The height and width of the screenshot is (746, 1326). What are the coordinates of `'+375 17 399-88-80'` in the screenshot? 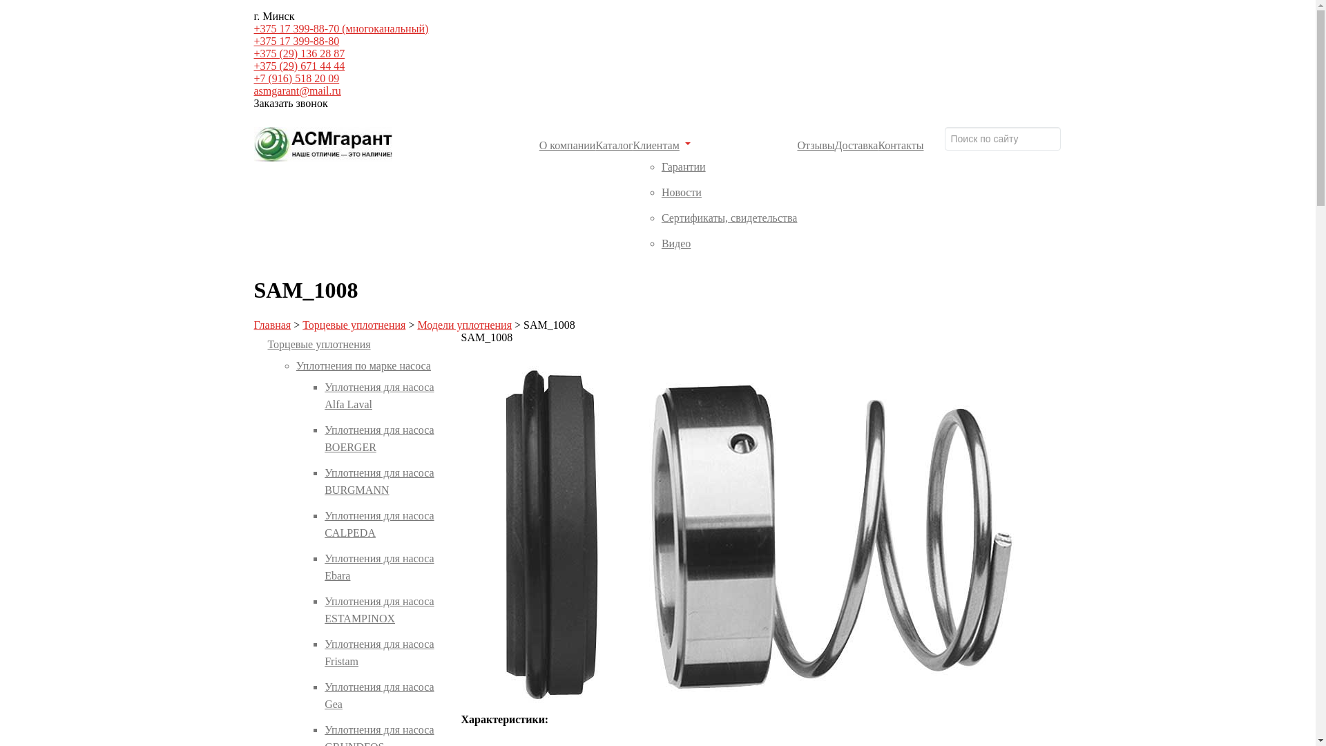 It's located at (296, 40).